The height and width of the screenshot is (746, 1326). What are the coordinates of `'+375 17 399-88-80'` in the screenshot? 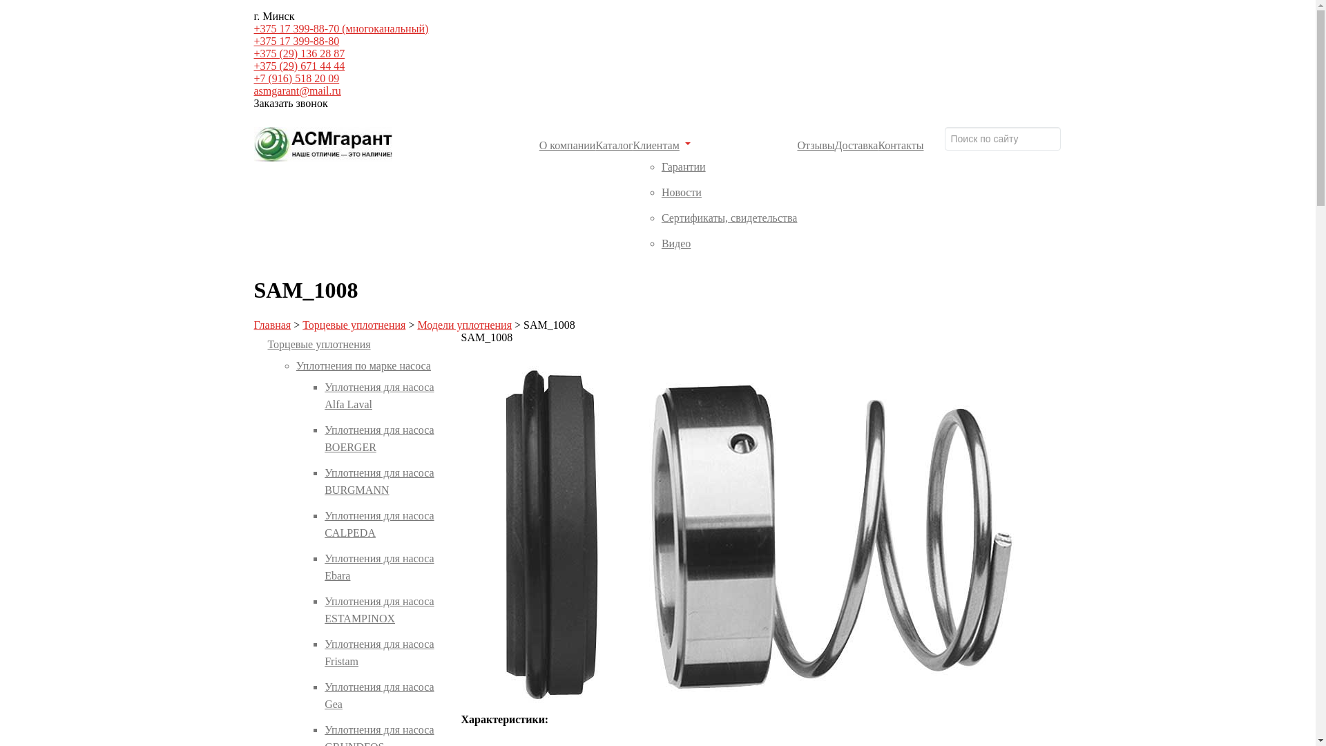 It's located at (296, 40).